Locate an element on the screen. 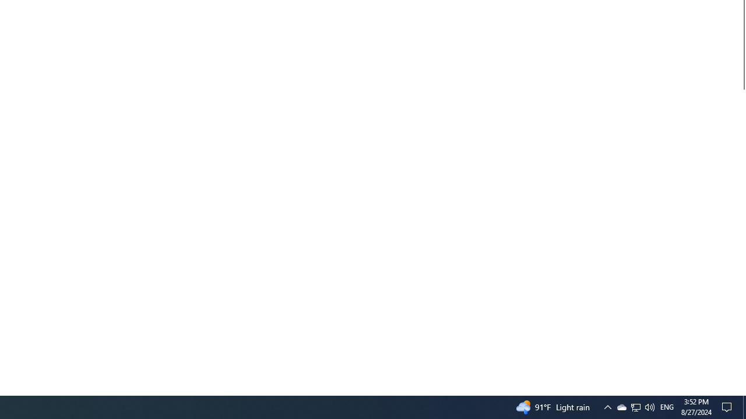 The height and width of the screenshot is (419, 746). 'Notification Chevron' is located at coordinates (635, 406).